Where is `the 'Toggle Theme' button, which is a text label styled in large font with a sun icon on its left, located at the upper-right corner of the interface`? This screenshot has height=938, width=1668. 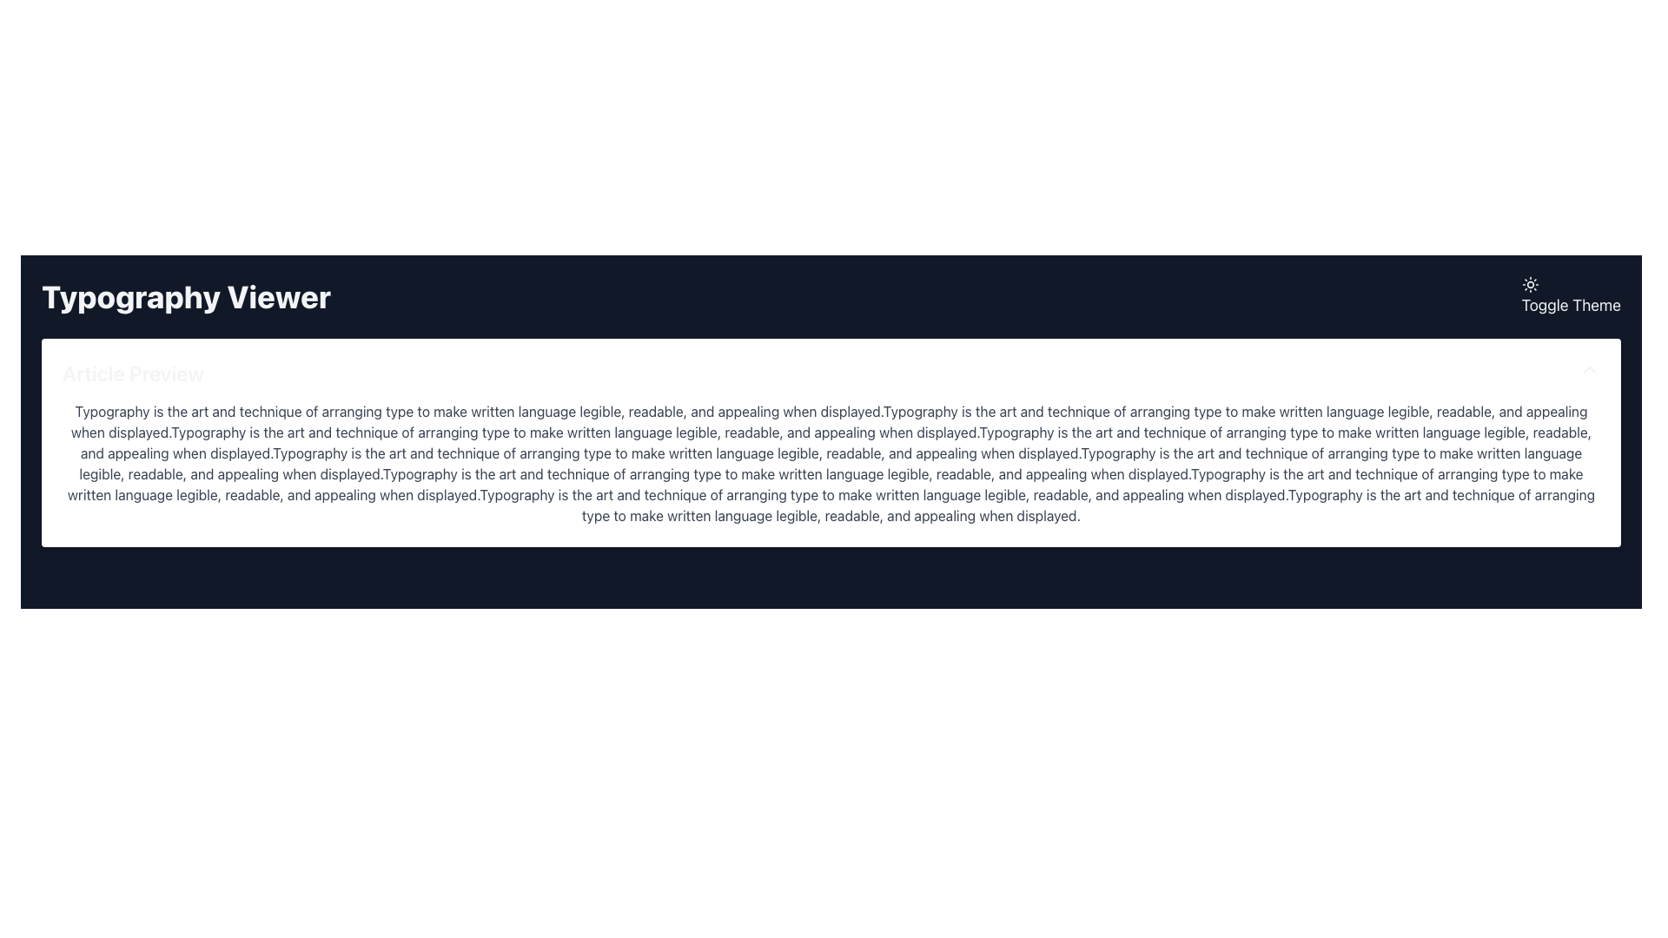 the 'Toggle Theme' button, which is a text label styled in large font with a sun icon on its left, located at the upper-right corner of the interface is located at coordinates (1571, 296).